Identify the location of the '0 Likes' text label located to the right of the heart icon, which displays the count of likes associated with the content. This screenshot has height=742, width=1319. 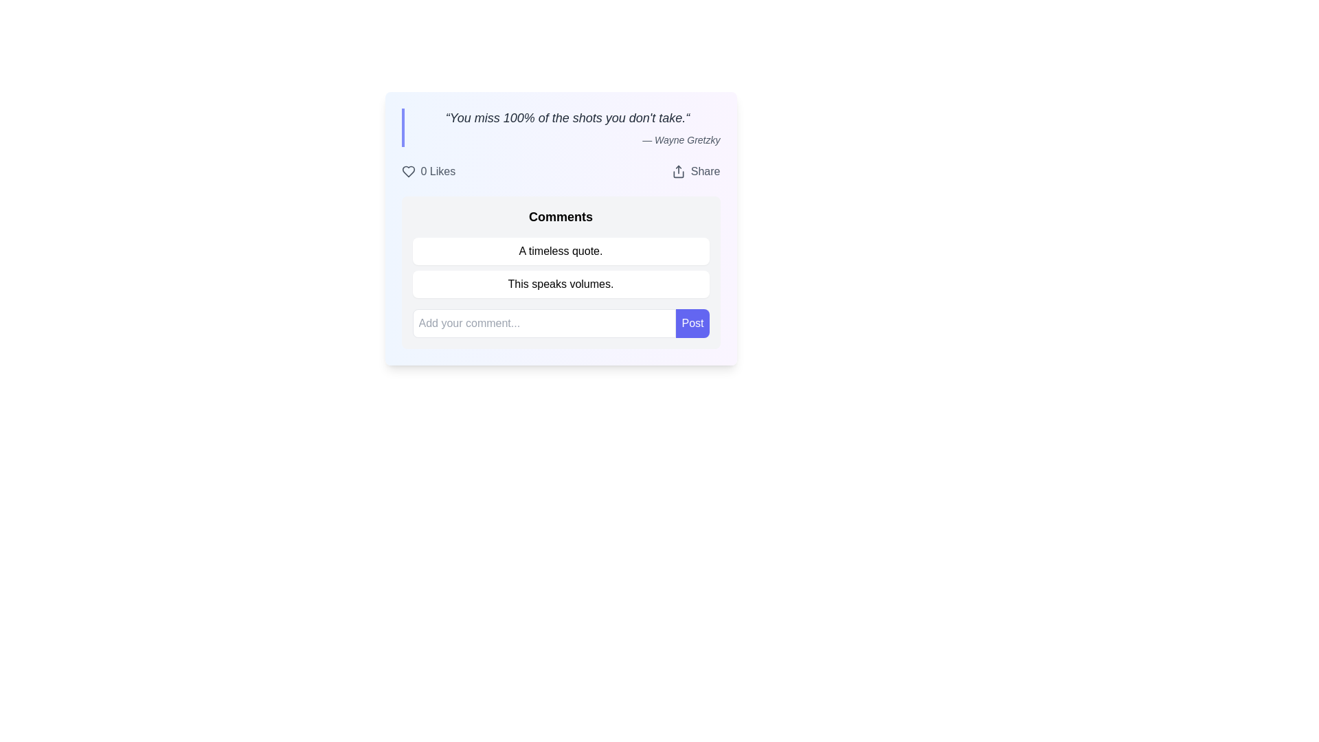
(437, 171).